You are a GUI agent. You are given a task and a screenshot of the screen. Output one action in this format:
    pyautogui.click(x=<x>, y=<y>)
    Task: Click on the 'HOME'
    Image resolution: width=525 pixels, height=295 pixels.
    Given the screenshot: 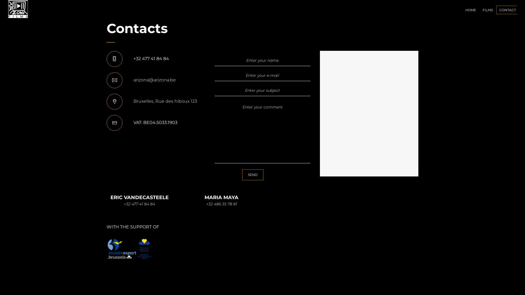 What is the action you would take?
    pyautogui.click(x=469, y=10)
    